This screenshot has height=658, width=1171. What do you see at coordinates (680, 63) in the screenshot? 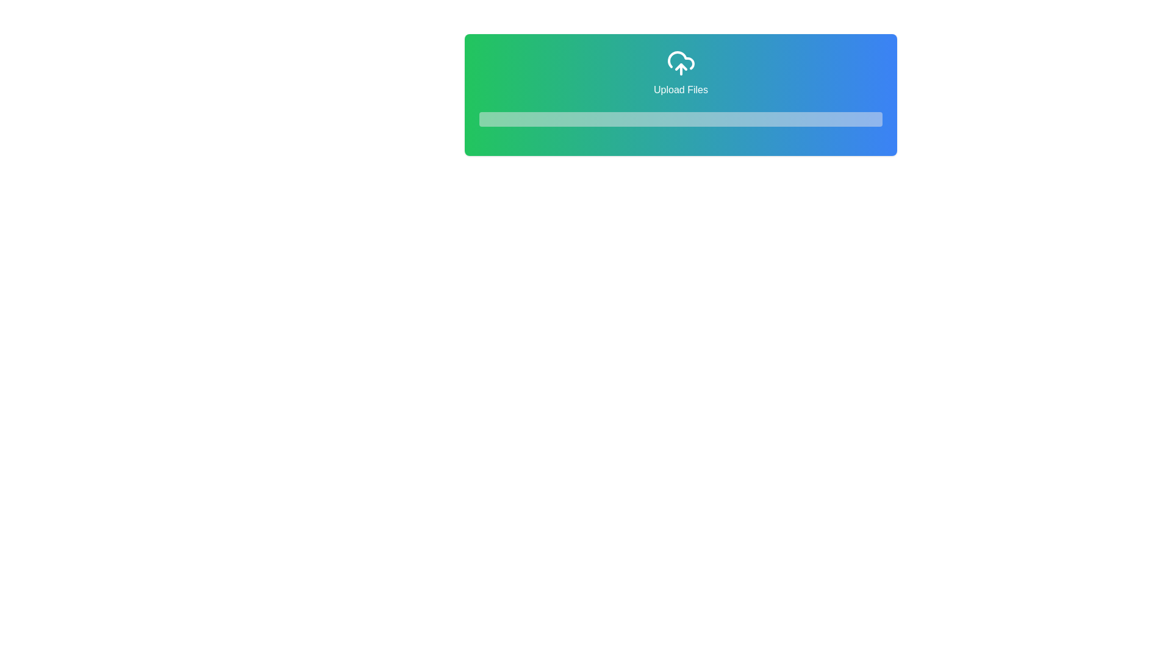
I see `the cloud icon with an upward-pointing arrow, which suggests an upload action, located above the label 'Upload Files'` at bounding box center [680, 63].